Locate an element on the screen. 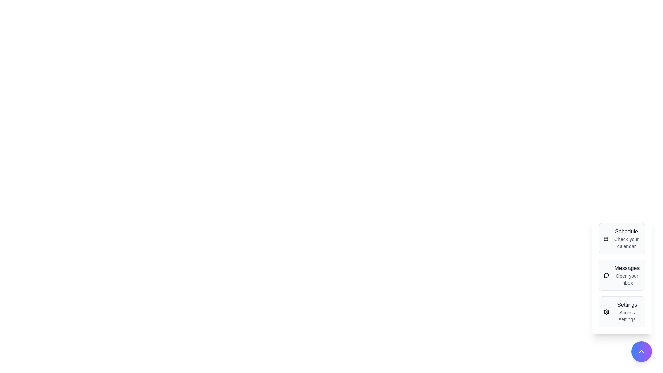  the Messages menu option in the speed dial is located at coordinates (622, 275).